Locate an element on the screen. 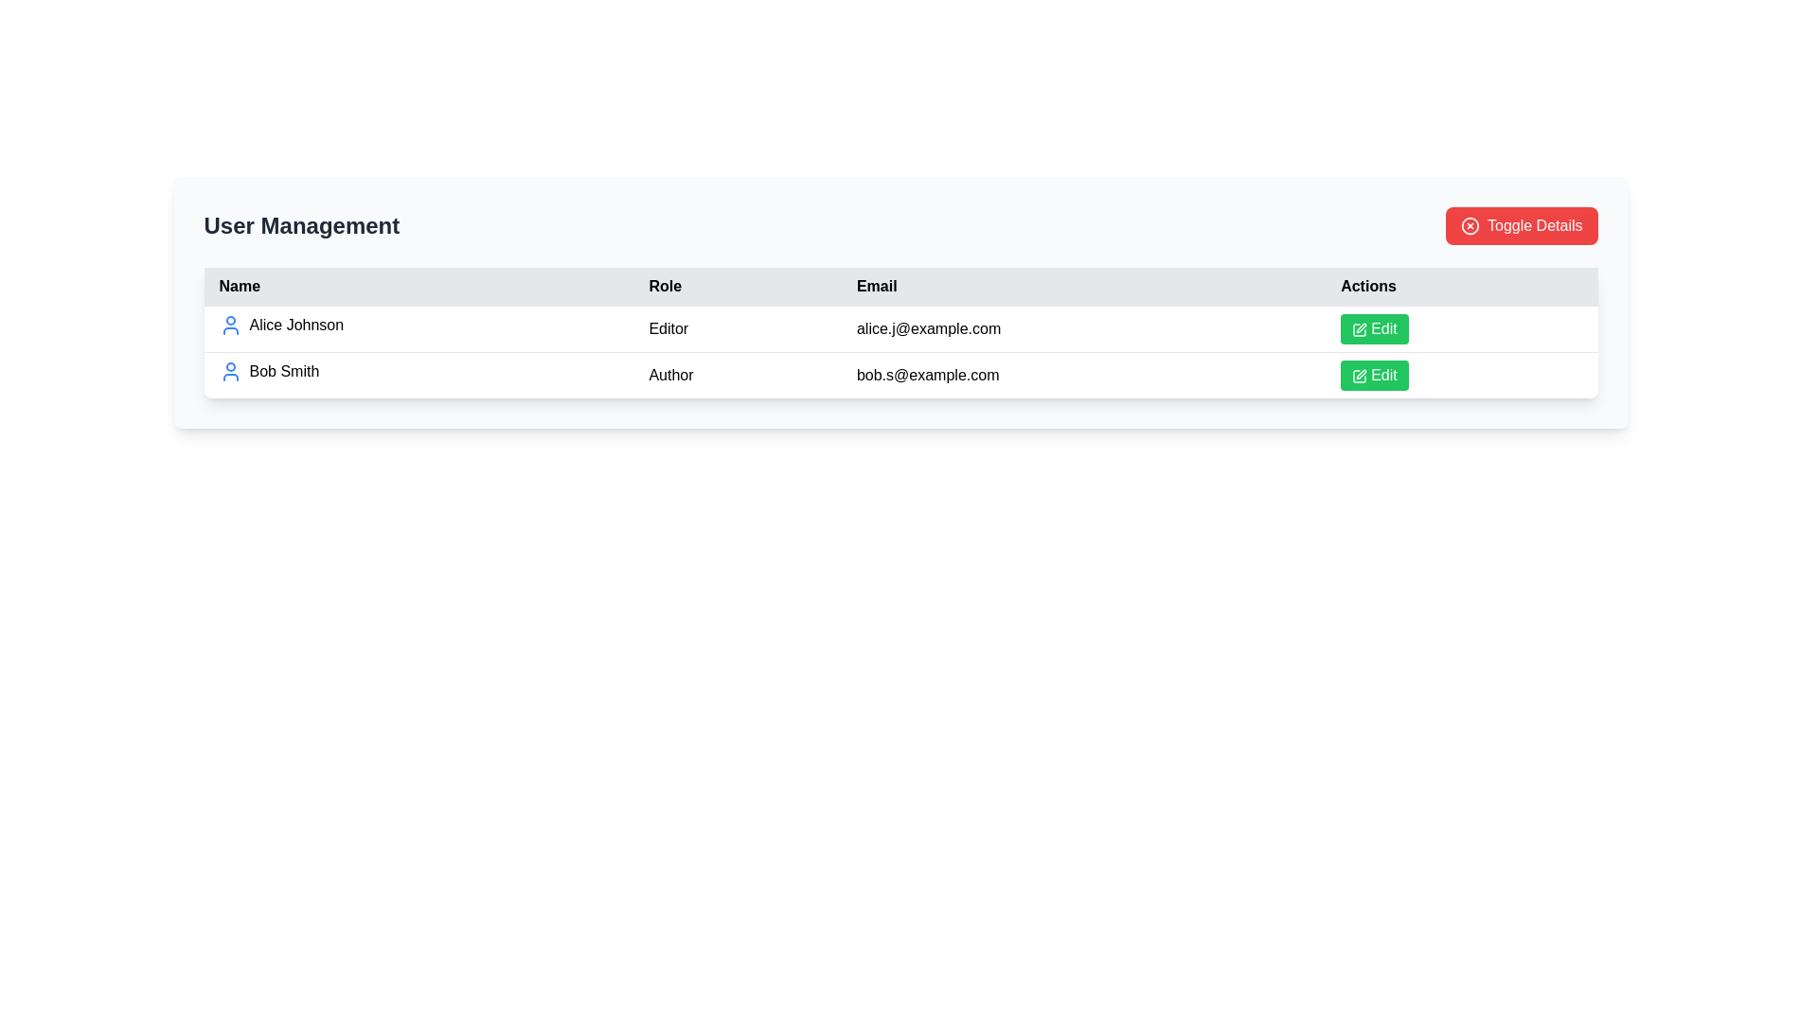 This screenshot has height=1022, width=1818. the second row of the User Management table that provides information about the user 'Bob Smith' is located at coordinates (900, 375).